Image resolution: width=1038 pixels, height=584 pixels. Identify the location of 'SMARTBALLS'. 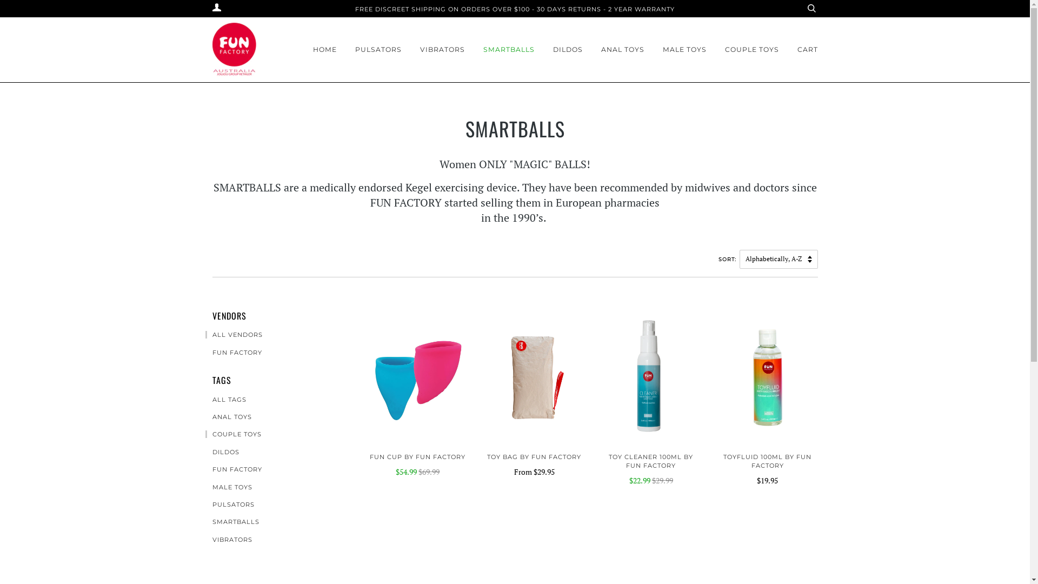
(508, 50).